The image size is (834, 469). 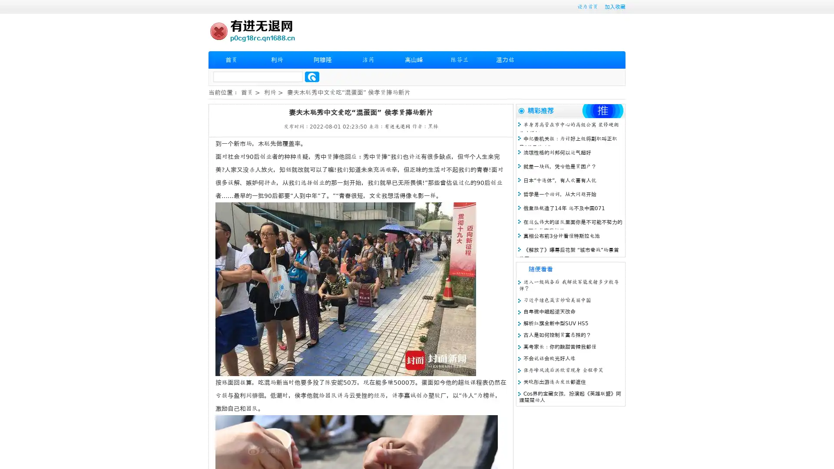 What do you see at coordinates (312, 76) in the screenshot?
I see `Search` at bounding box center [312, 76].